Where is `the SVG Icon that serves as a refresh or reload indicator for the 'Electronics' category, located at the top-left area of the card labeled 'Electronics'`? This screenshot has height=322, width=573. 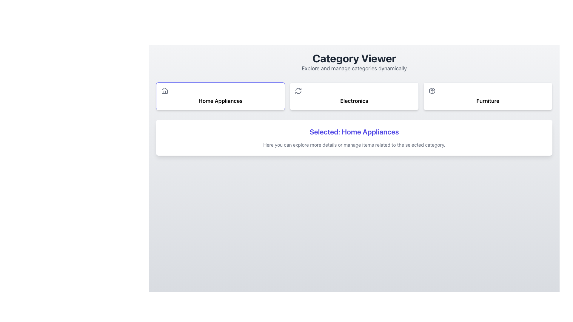
the SVG Icon that serves as a refresh or reload indicator for the 'Electronics' category, located at the top-left area of the card labeled 'Electronics' is located at coordinates (298, 91).